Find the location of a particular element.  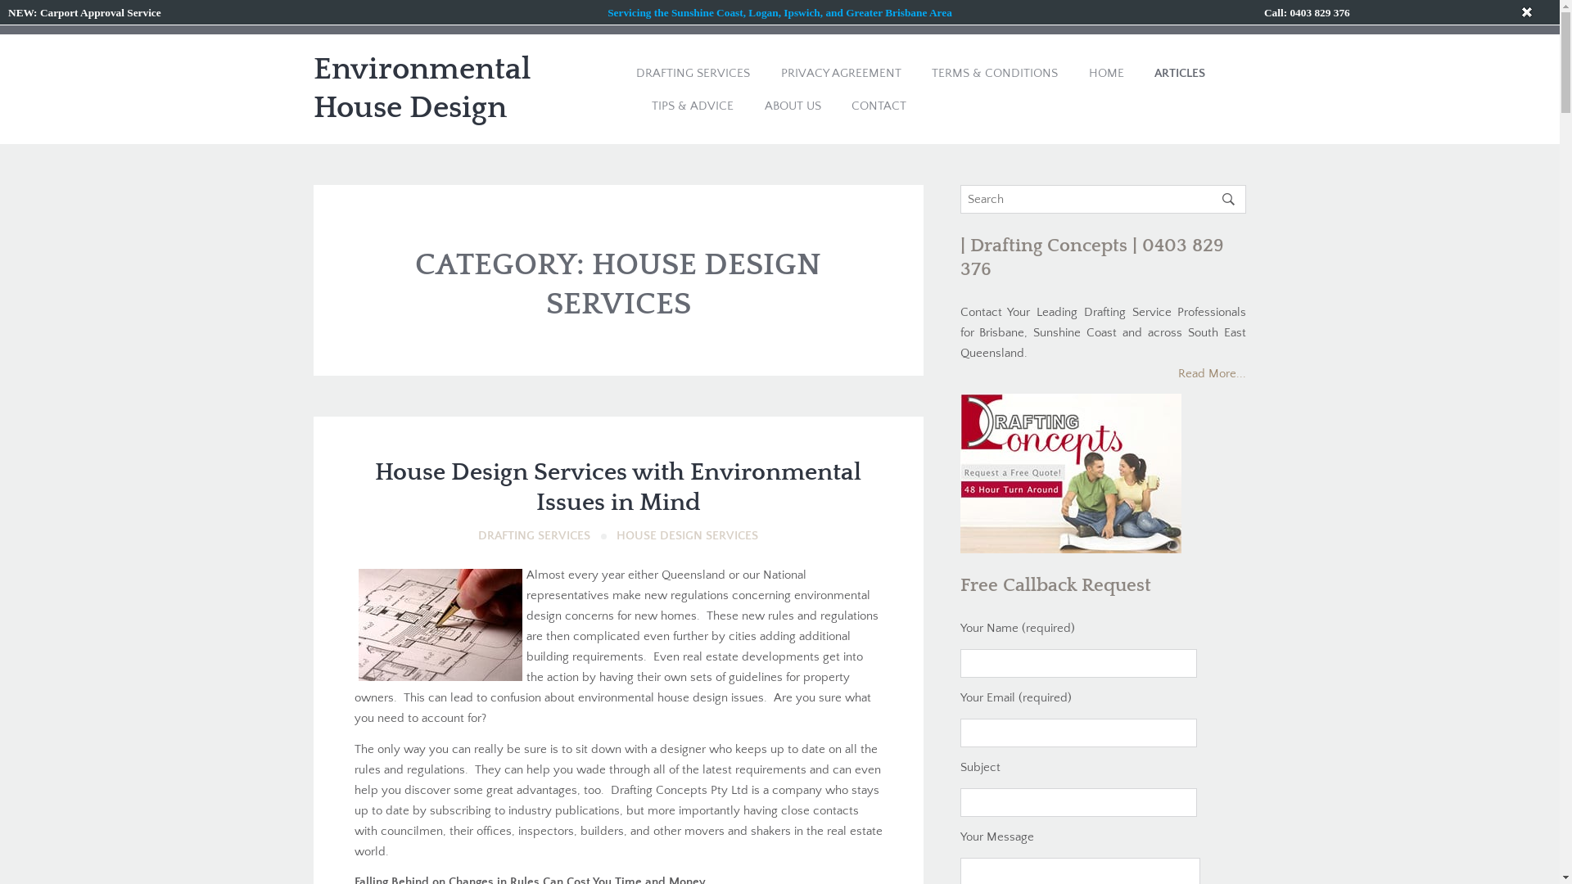

'Read More...' is located at coordinates (1212, 373).